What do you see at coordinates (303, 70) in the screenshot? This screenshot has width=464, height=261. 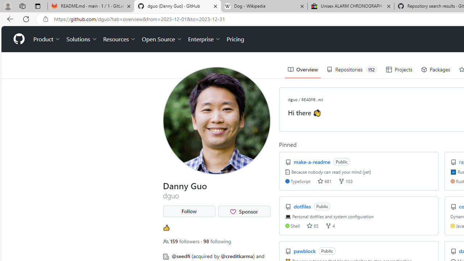 I see `'Overview'` at bounding box center [303, 70].